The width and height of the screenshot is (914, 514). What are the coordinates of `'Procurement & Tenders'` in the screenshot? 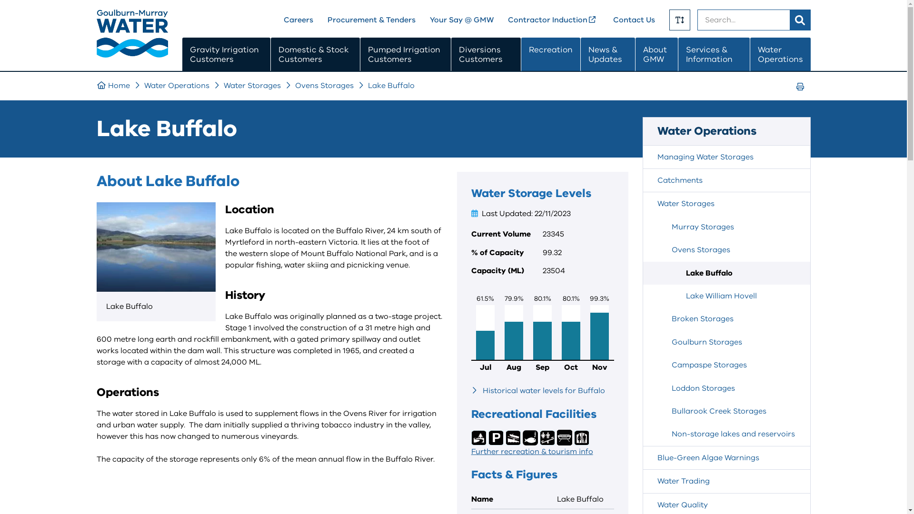 It's located at (371, 20).